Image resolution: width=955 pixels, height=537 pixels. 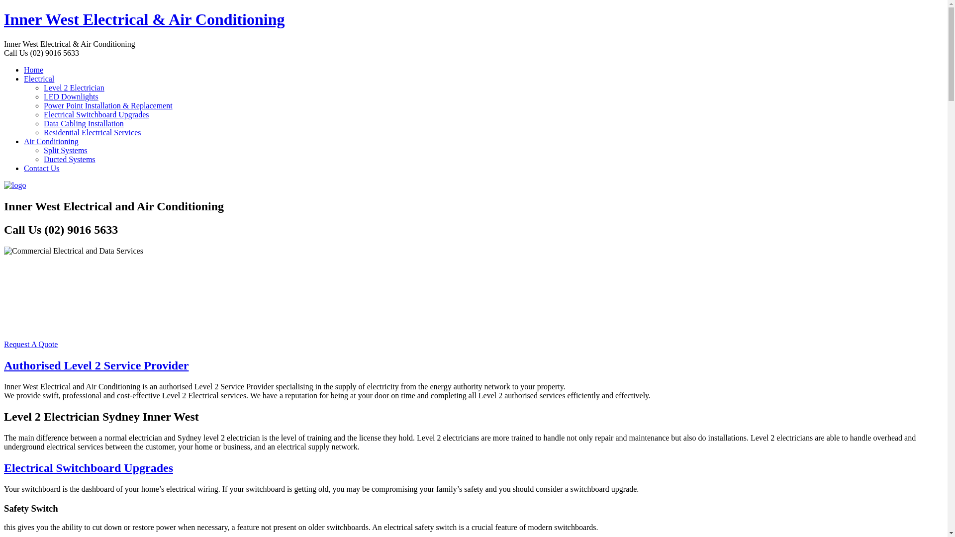 What do you see at coordinates (14, 185) in the screenshot?
I see `'Inner West Electrical & Air Conditioning'` at bounding box center [14, 185].